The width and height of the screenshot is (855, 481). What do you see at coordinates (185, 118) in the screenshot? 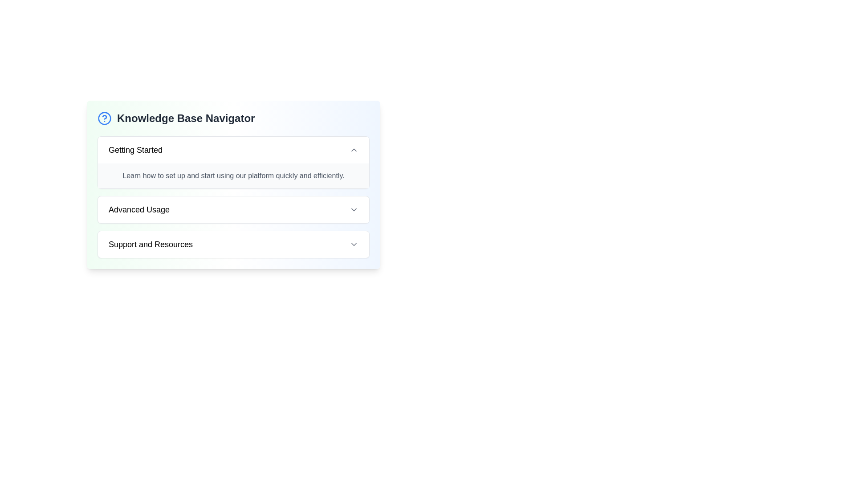
I see `text content of the large, bold serif heading labeled 'Knowledge Base Navigator', which is located prominently at the top of the section, to the right of a blue circular icon with a question mark` at bounding box center [185, 118].